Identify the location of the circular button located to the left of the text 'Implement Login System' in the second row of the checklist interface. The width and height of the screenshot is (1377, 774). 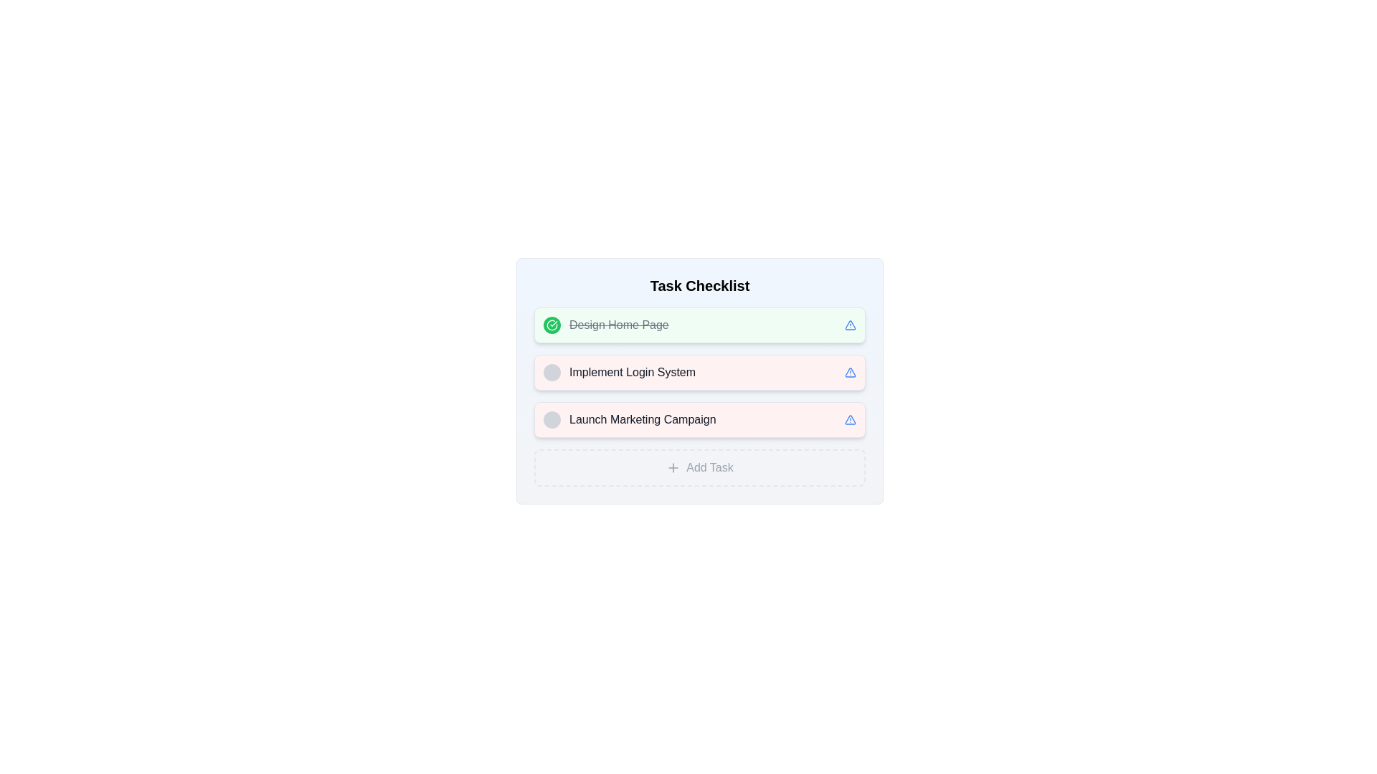
(551, 372).